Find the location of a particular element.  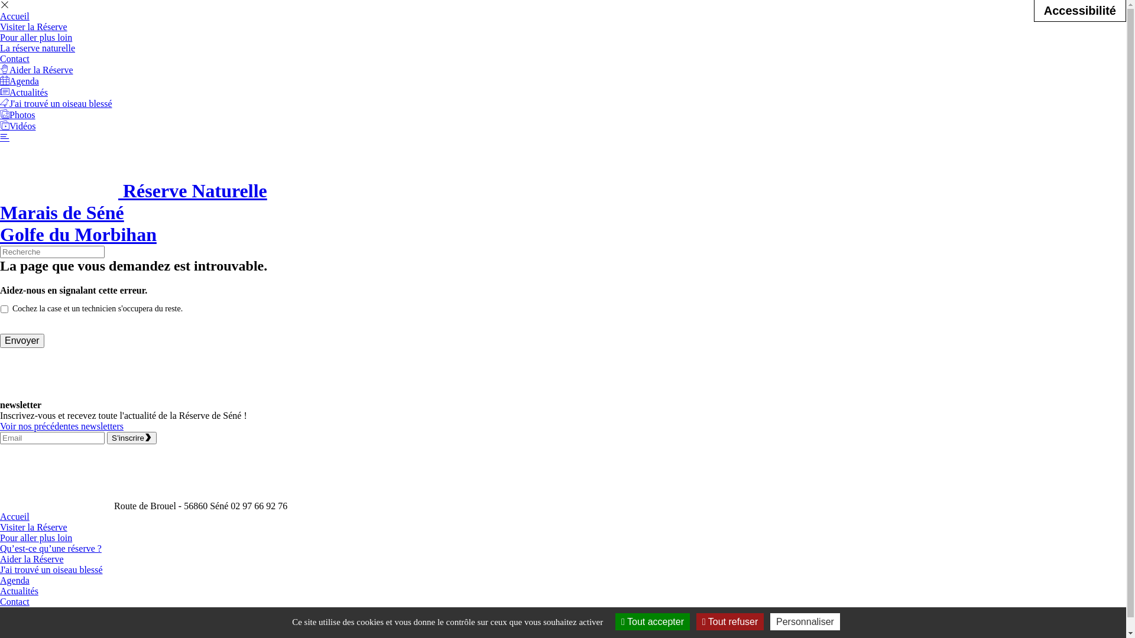

'Envoyer' is located at coordinates (22, 341).